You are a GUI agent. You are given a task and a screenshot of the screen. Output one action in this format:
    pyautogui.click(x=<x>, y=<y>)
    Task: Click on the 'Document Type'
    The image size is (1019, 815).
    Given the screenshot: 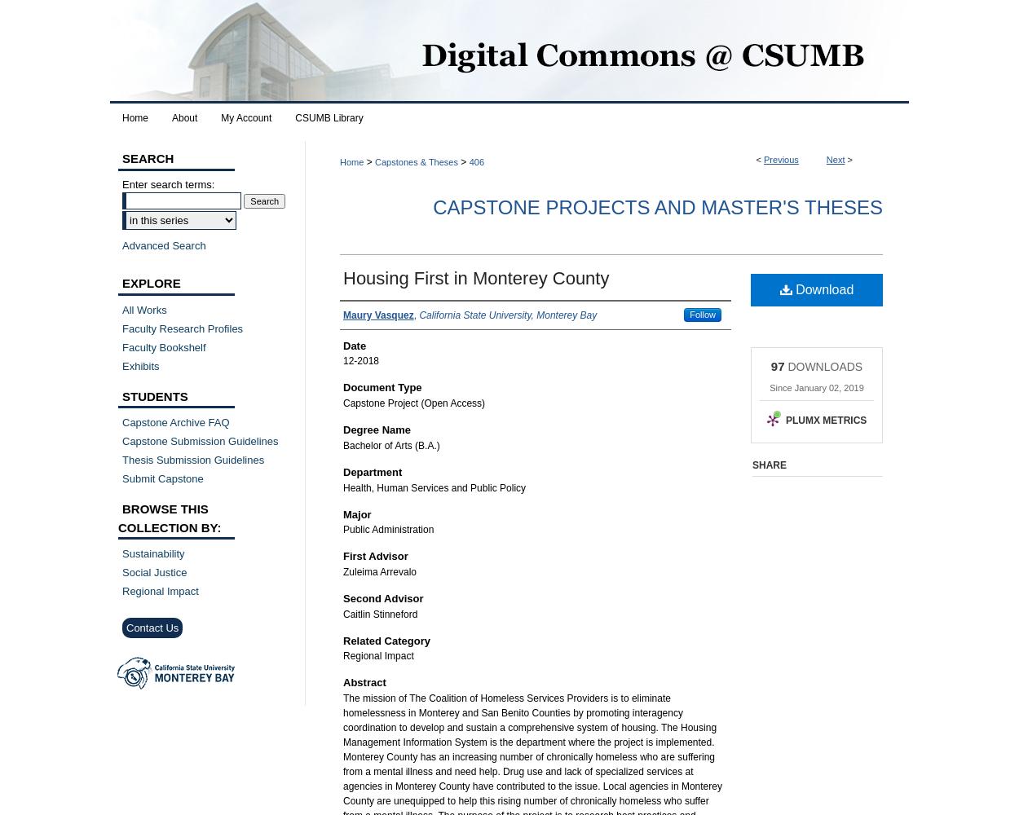 What is the action you would take?
    pyautogui.click(x=382, y=386)
    